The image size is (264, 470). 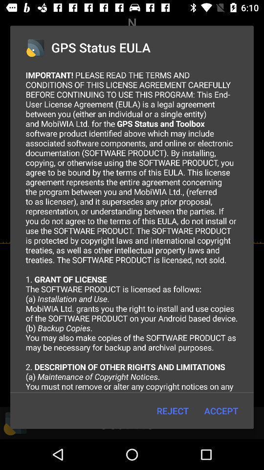 What do you see at coordinates (172, 411) in the screenshot?
I see `the item at the bottom` at bounding box center [172, 411].